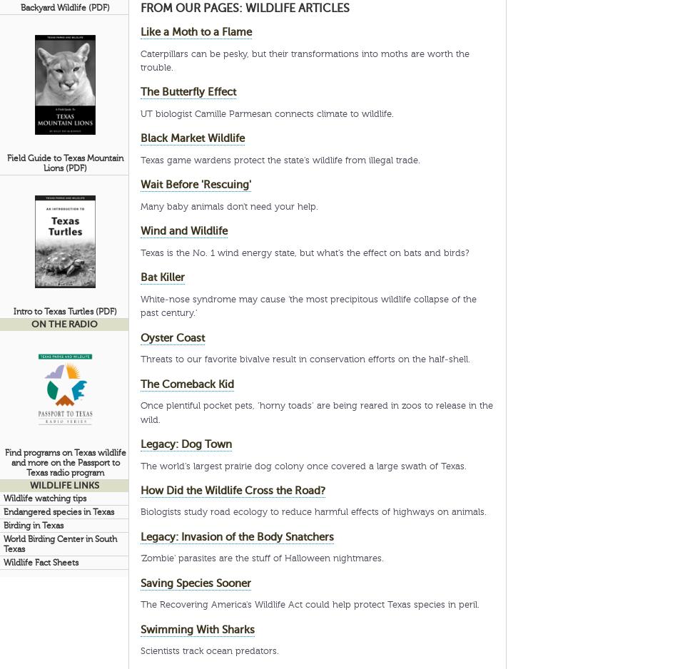  I want to click on 'White-nose syndrome may cause 'the most precipitous wildlife collapse of the past century.'', so click(308, 306).